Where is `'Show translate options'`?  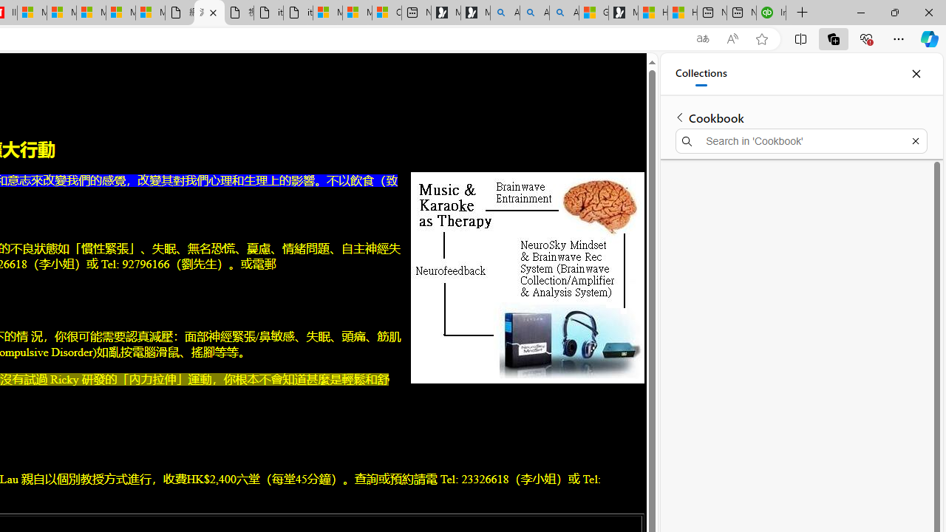
'Show translate options' is located at coordinates (702, 38).